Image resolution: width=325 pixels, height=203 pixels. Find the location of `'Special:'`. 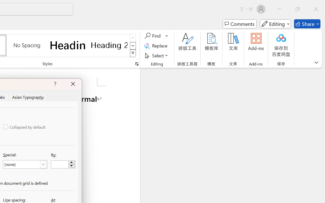

'Special:' is located at coordinates (25, 164).